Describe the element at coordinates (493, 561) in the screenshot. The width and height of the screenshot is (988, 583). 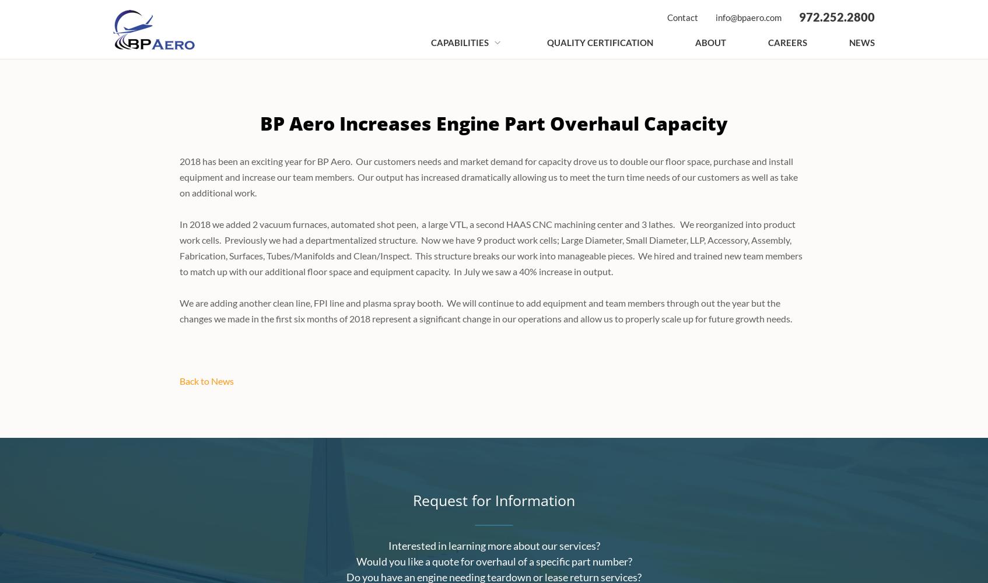
I see `'Would you like a quote for overhaul of a specific part number?'` at that location.